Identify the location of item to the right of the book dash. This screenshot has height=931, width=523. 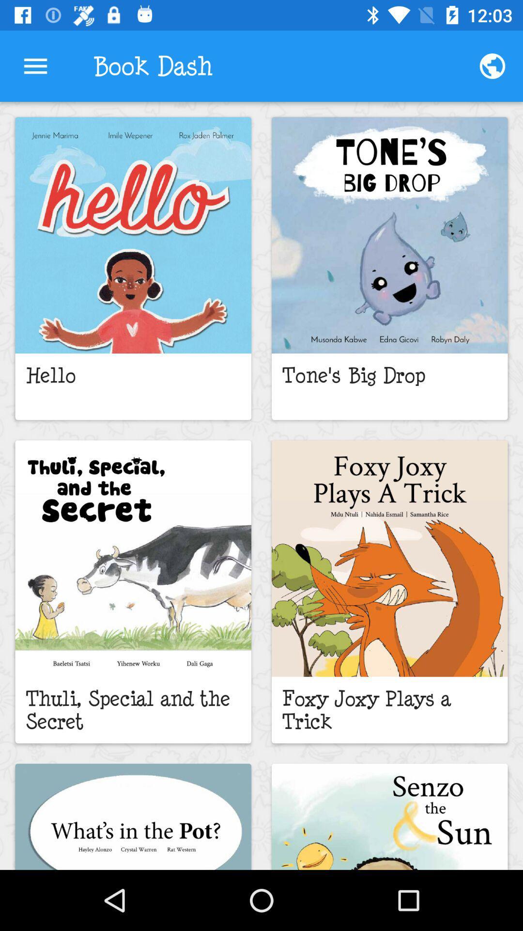
(492, 65).